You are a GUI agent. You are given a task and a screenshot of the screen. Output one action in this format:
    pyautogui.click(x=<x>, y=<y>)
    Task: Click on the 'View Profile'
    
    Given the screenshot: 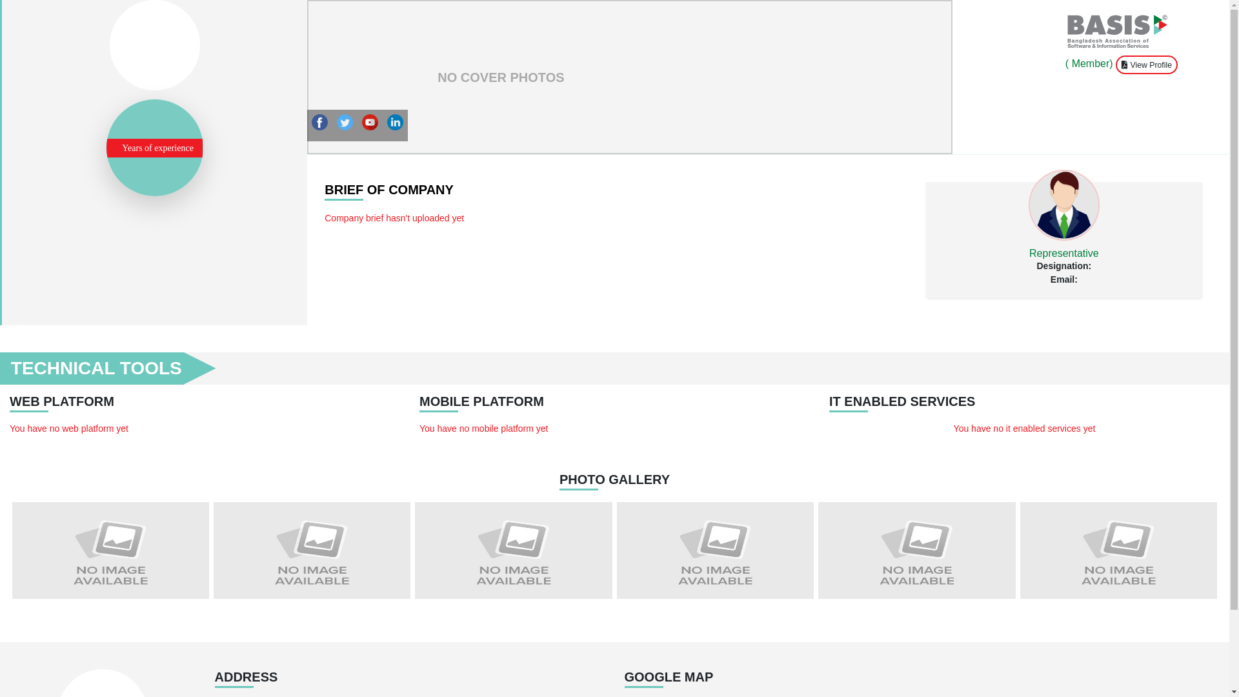 What is the action you would take?
    pyautogui.click(x=1146, y=65)
    